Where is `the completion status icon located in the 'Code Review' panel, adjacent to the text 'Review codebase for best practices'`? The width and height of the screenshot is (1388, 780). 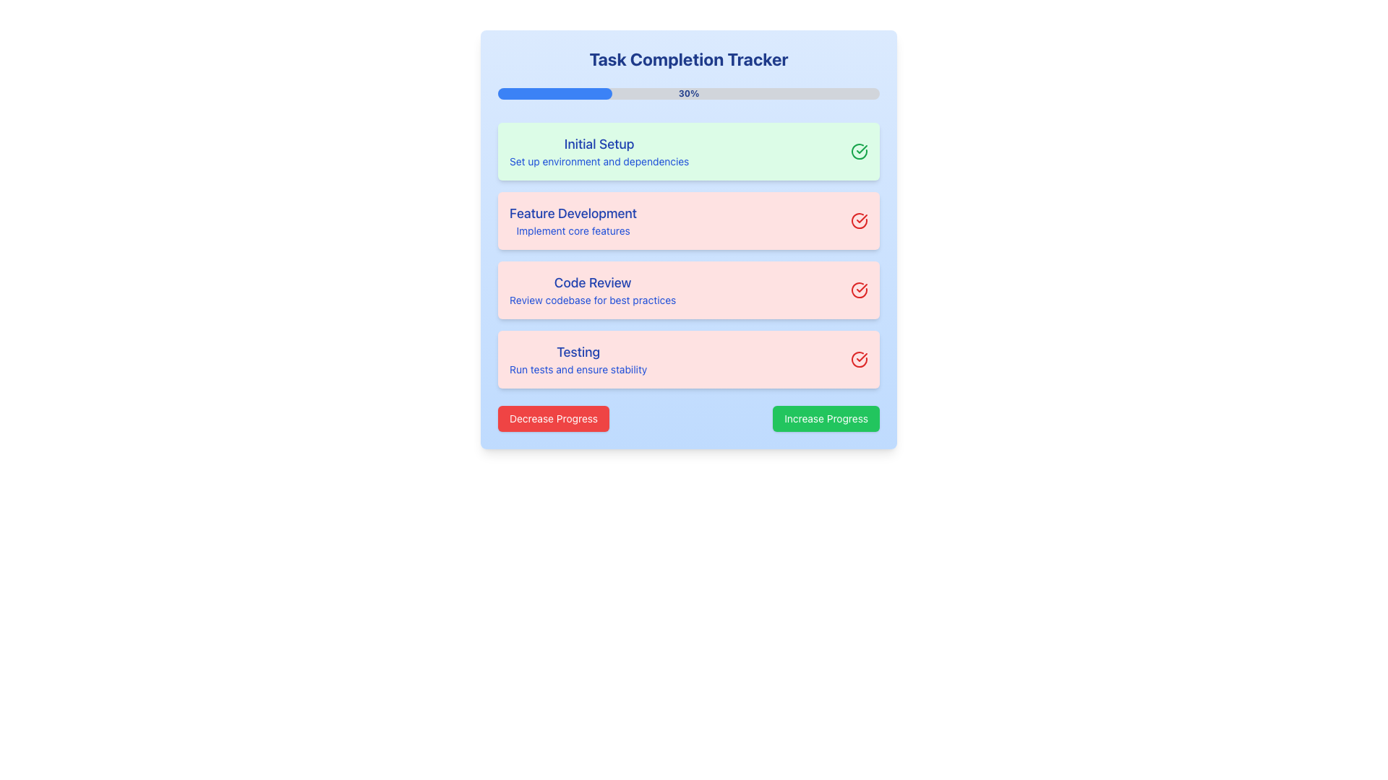 the completion status icon located in the 'Code Review' panel, adjacent to the text 'Review codebase for best practices' is located at coordinates (860, 290).